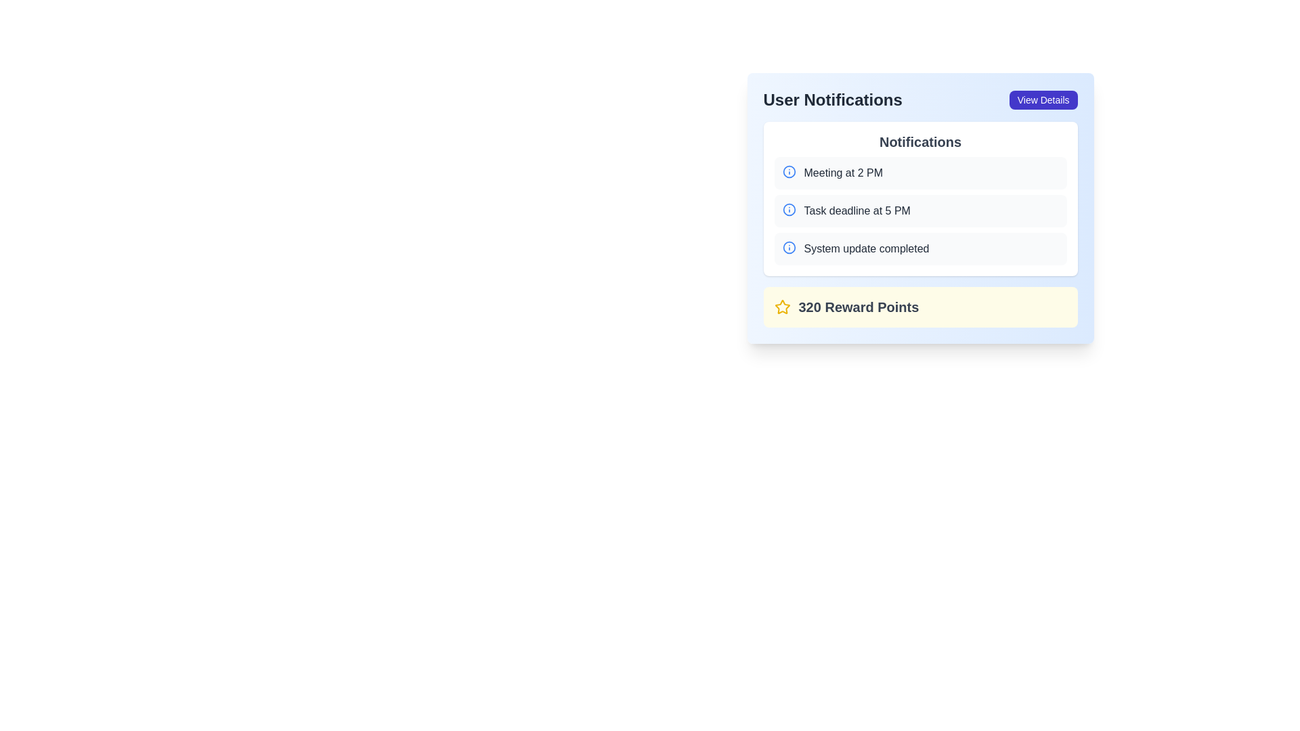 This screenshot has width=1300, height=731. Describe the element at coordinates (789, 209) in the screenshot. I see `the informational icon located to the left of the text 'Task deadline at 5 PM' in the second row of the 'Notifications' list` at that location.